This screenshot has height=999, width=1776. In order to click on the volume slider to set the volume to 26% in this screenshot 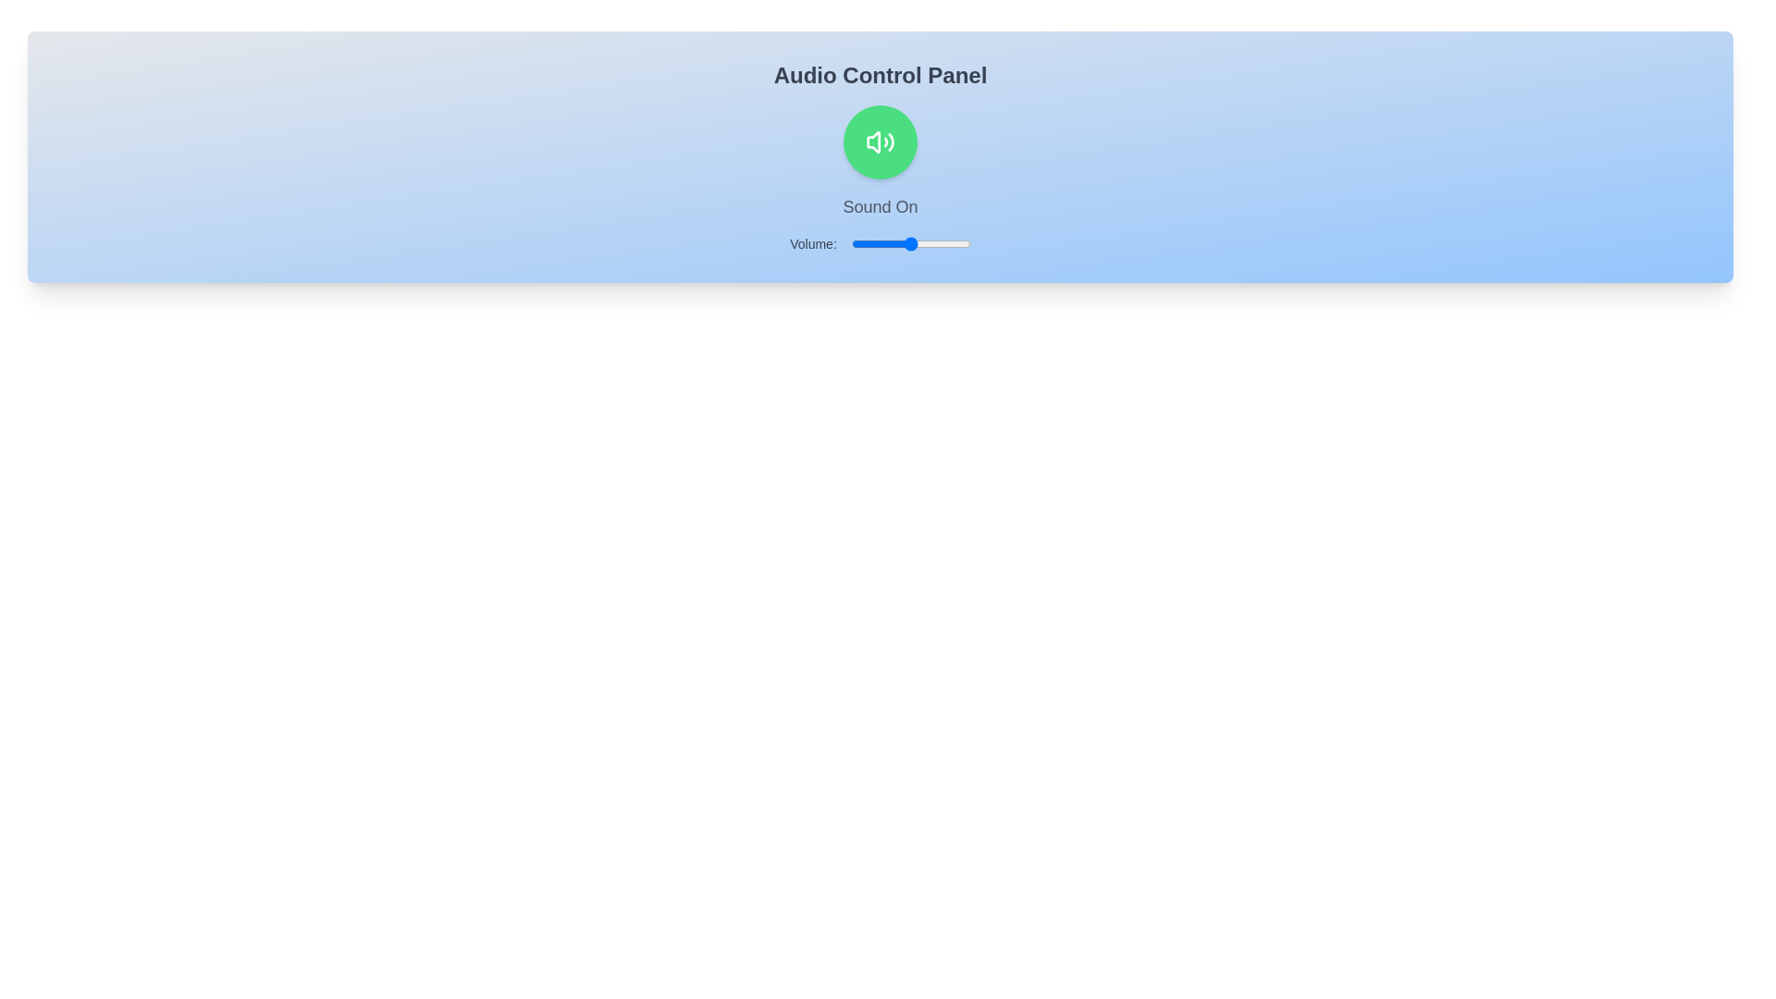, I will do `click(882, 242)`.